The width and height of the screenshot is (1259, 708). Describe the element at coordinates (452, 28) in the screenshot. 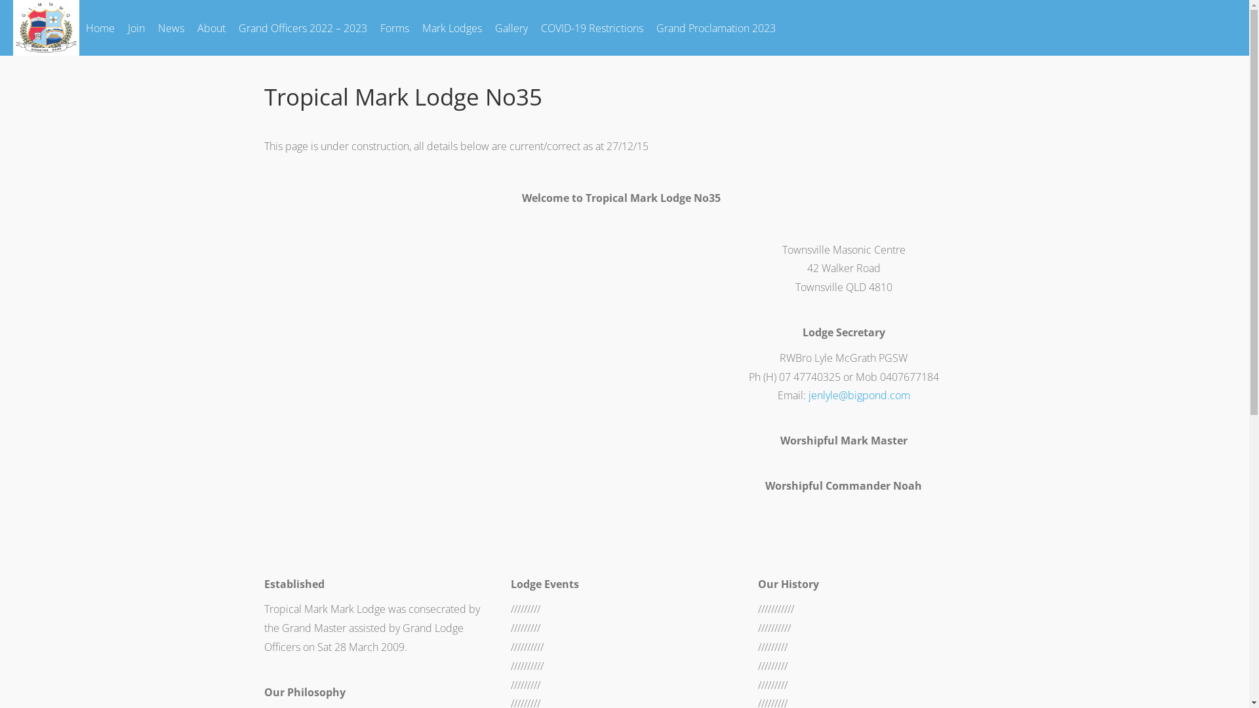

I see `'Mark Lodges'` at that location.